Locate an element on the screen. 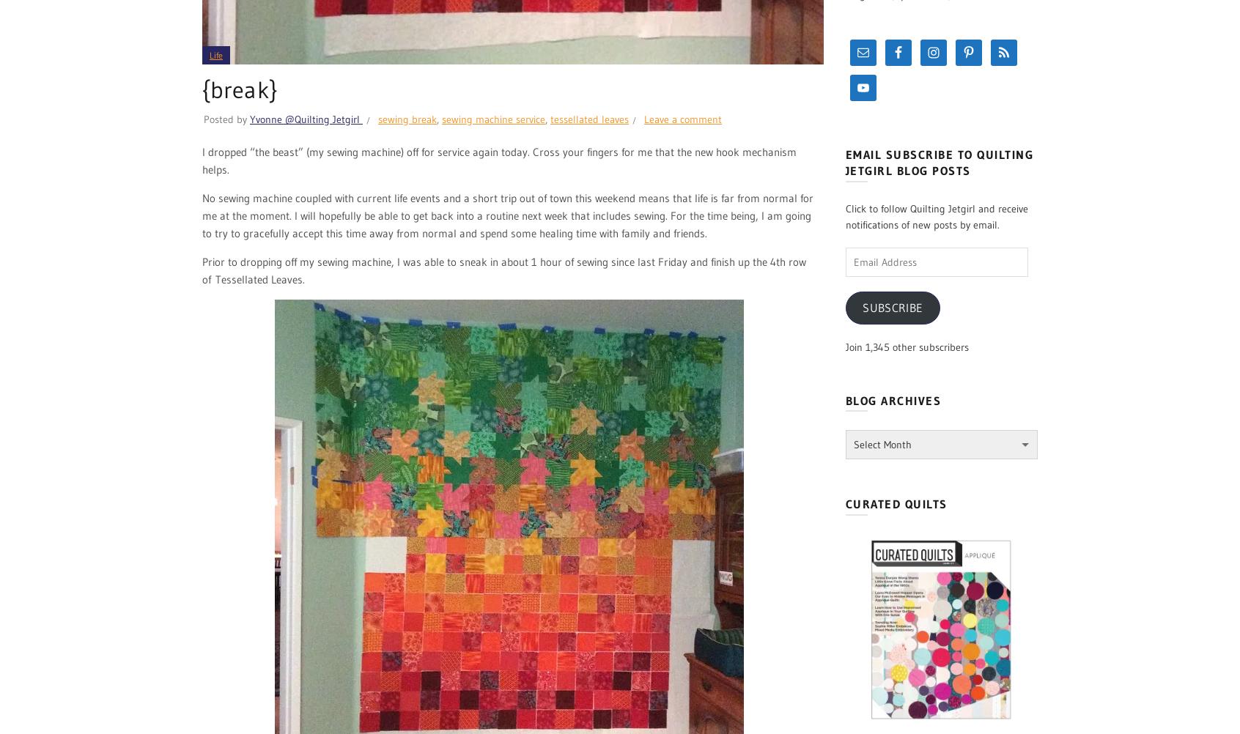 This screenshot has height=734, width=1240. 'Curated Quilts' is located at coordinates (896, 503).